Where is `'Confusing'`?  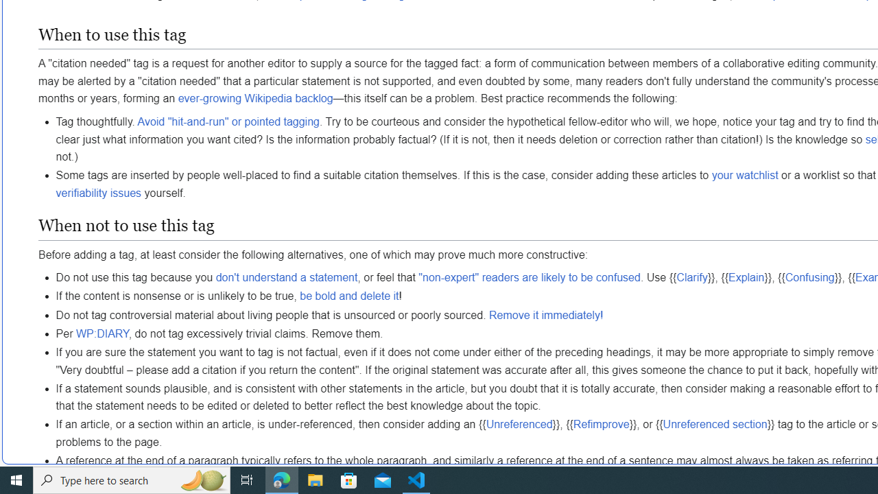 'Confusing' is located at coordinates (809, 278).